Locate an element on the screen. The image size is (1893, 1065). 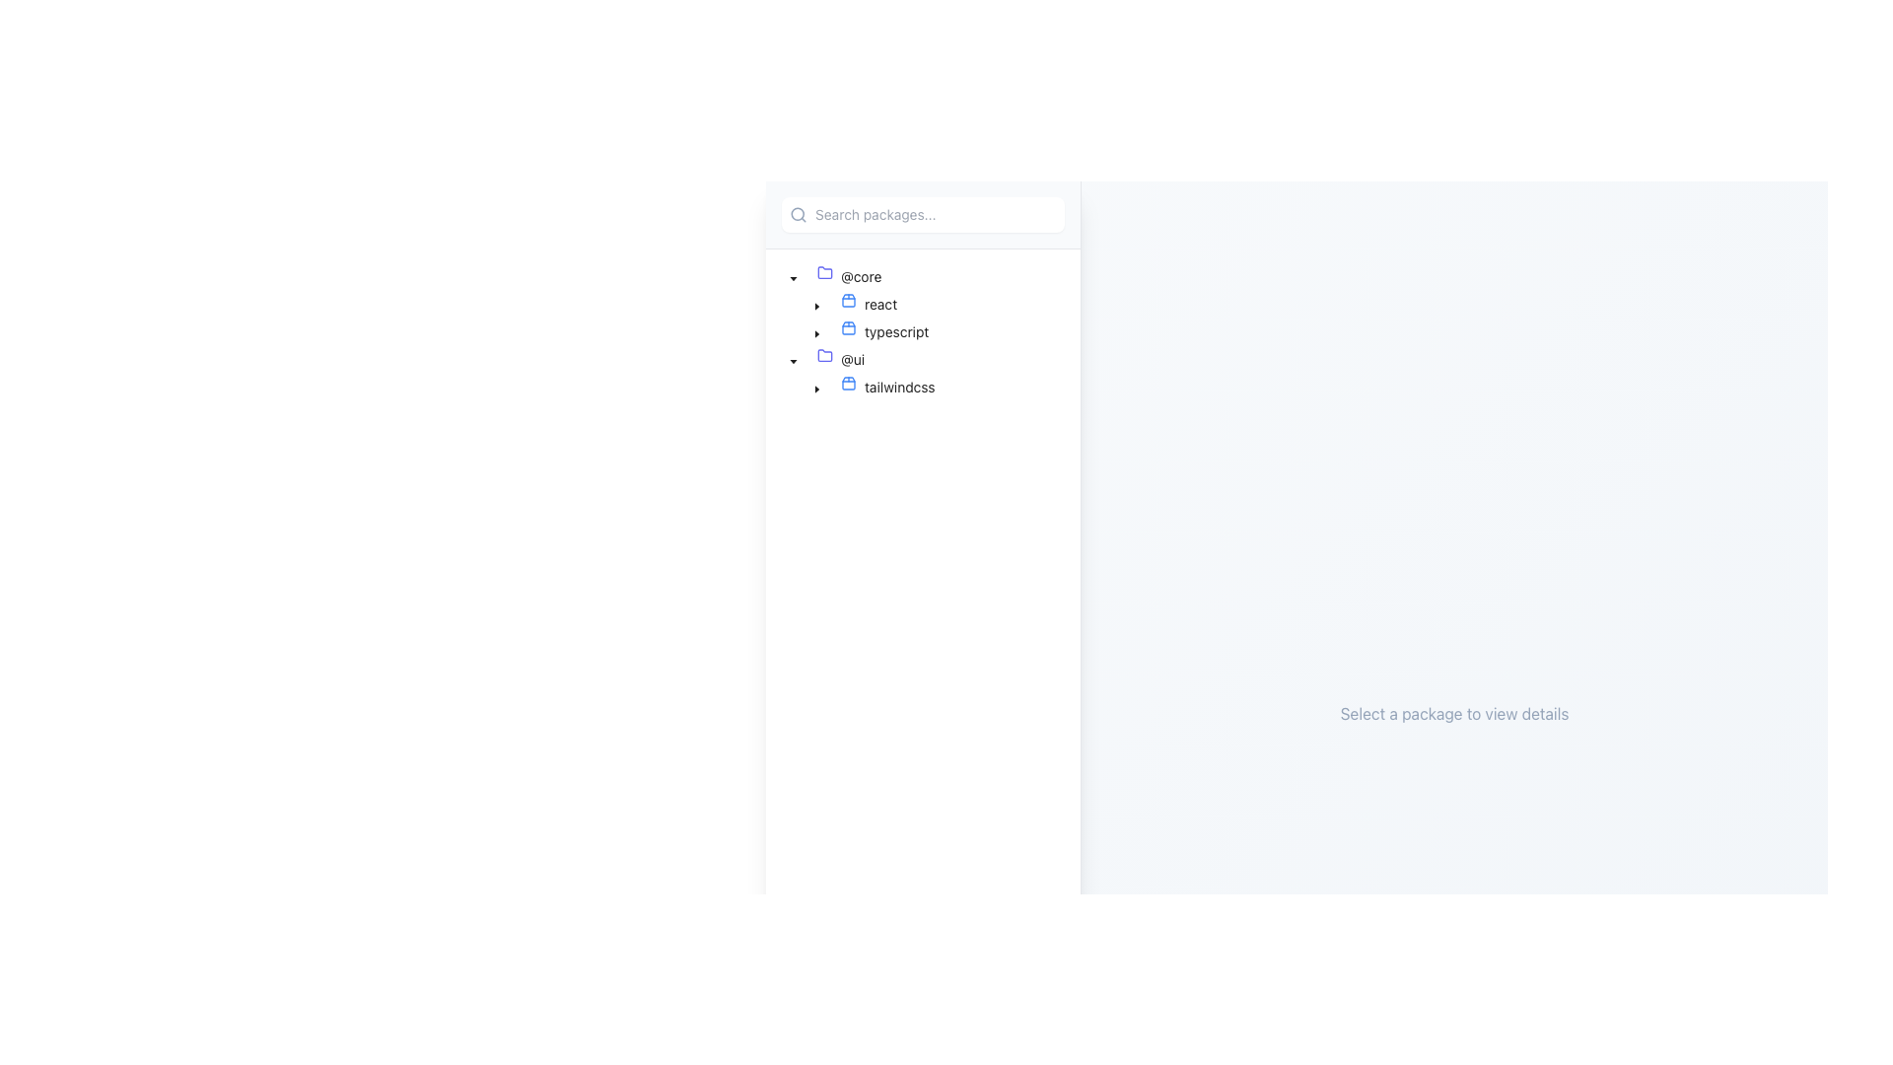
the Tree node representing a collapsible folder under the '@core' directory is located at coordinates (841, 360).